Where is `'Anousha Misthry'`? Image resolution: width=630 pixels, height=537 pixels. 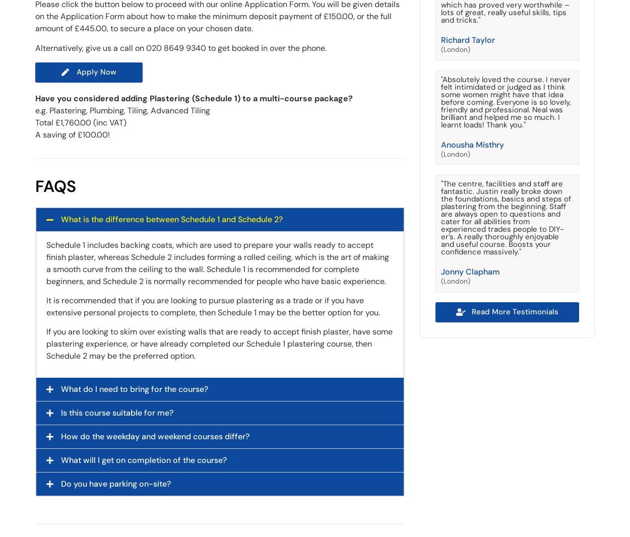 'Anousha Misthry' is located at coordinates (472, 144).